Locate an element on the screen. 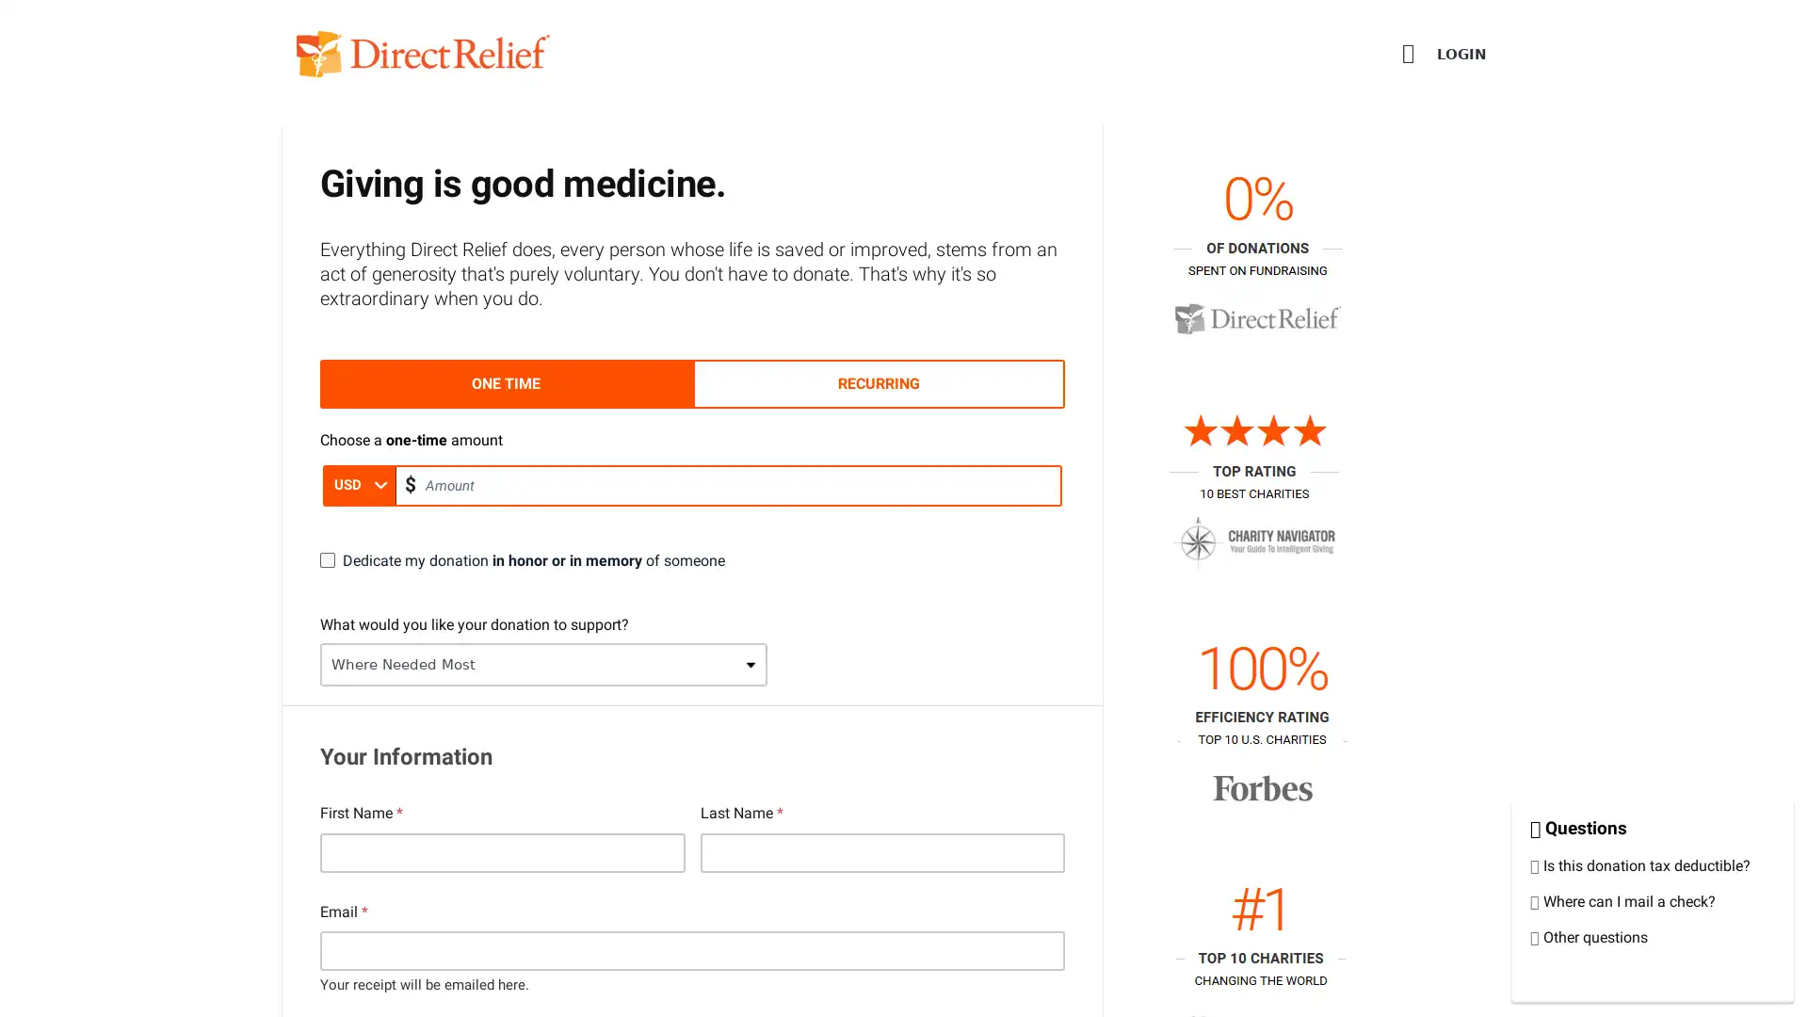  LOGIN is located at coordinates (1464, 53).